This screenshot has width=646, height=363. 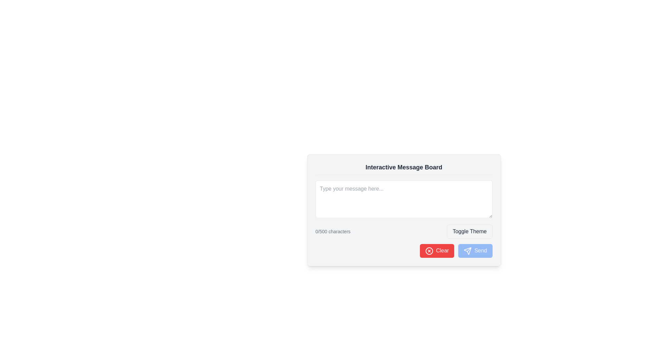 I want to click on the send action icon located to the left of the 'Send' text within the Send button, so click(x=467, y=251).